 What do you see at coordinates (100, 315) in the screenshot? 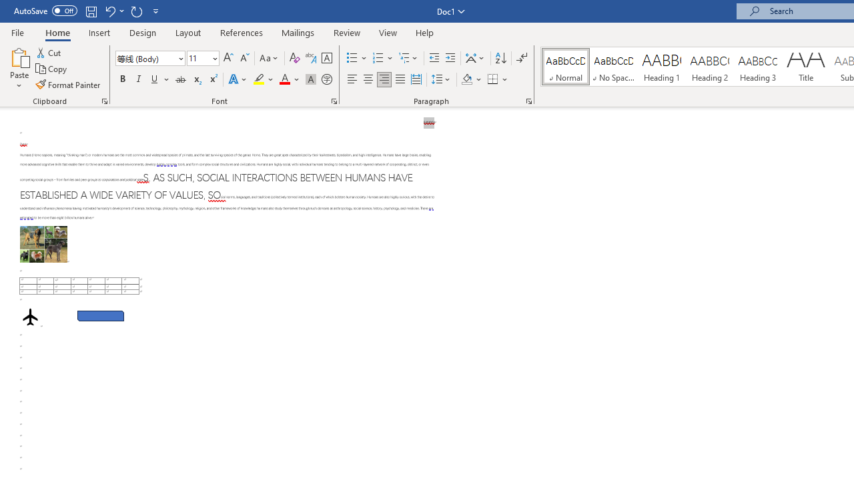
I see `'Rectangle: Diagonal Corners Snipped 2'` at bounding box center [100, 315].